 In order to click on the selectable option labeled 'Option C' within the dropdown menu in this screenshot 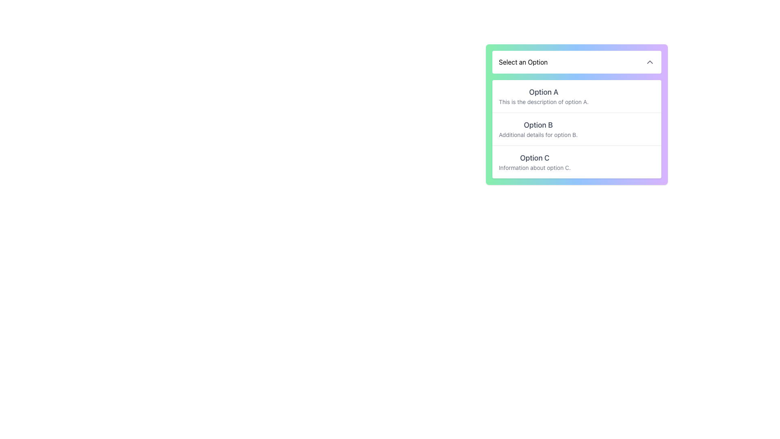, I will do `click(576, 161)`.